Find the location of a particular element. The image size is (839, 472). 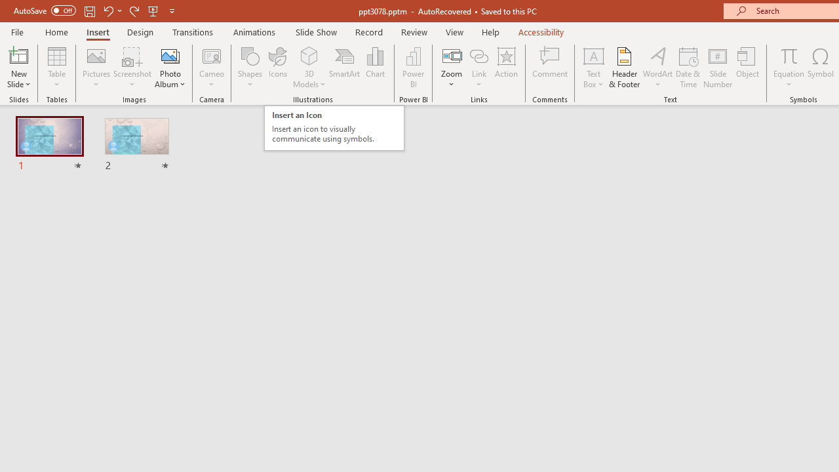

'Link' is located at coordinates (478, 55).